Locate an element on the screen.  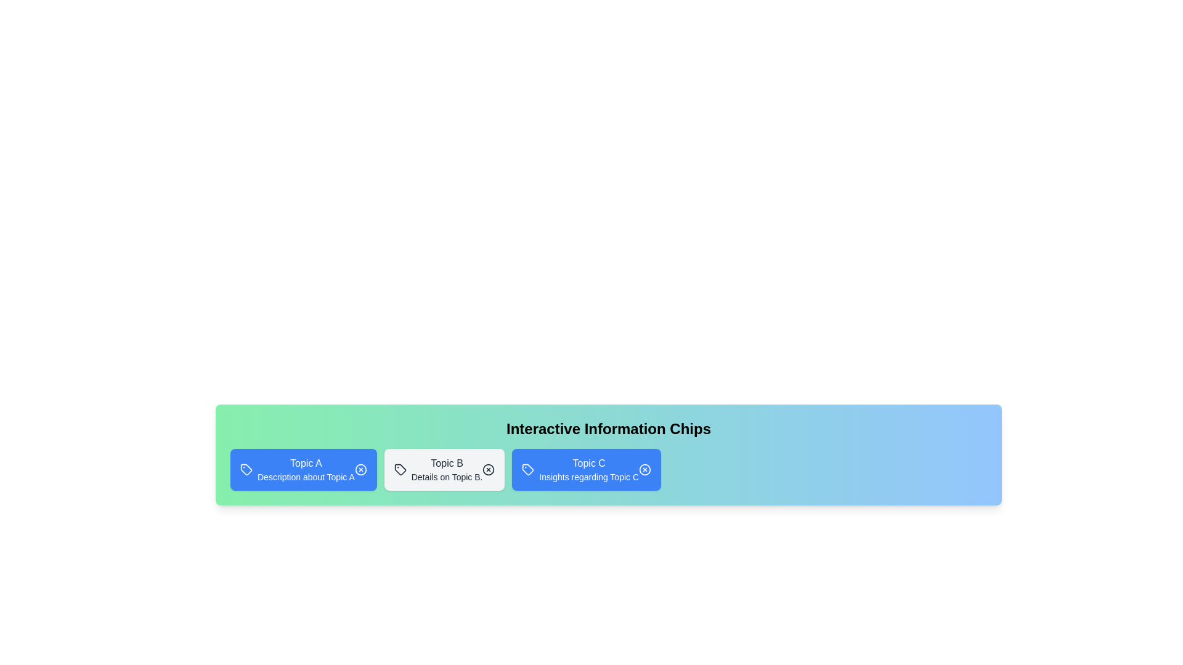
the close button of the chip labeled Topic A is located at coordinates (360, 470).